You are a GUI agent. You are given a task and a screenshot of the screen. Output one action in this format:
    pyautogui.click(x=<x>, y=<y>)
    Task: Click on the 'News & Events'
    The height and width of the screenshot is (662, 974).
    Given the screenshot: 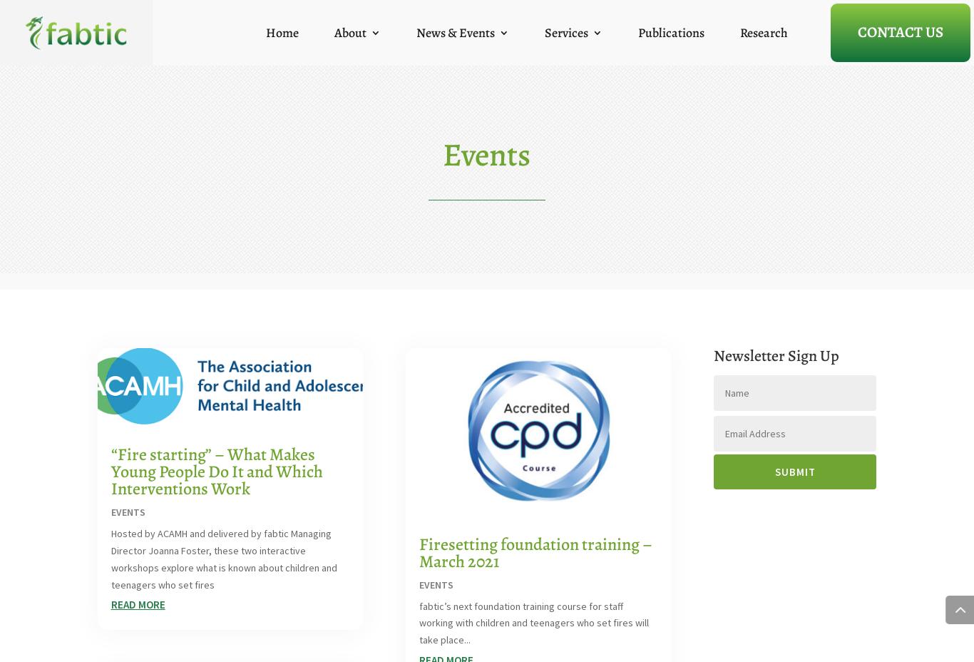 What is the action you would take?
    pyautogui.click(x=455, y=31)
    